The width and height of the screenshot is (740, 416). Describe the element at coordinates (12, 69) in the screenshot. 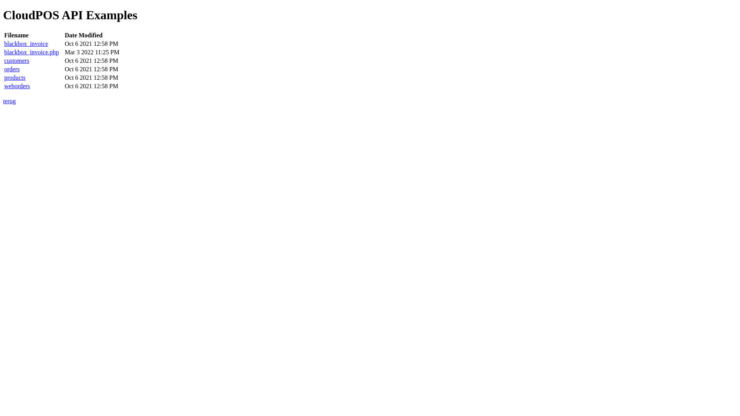

I see `'orders'` at that location.